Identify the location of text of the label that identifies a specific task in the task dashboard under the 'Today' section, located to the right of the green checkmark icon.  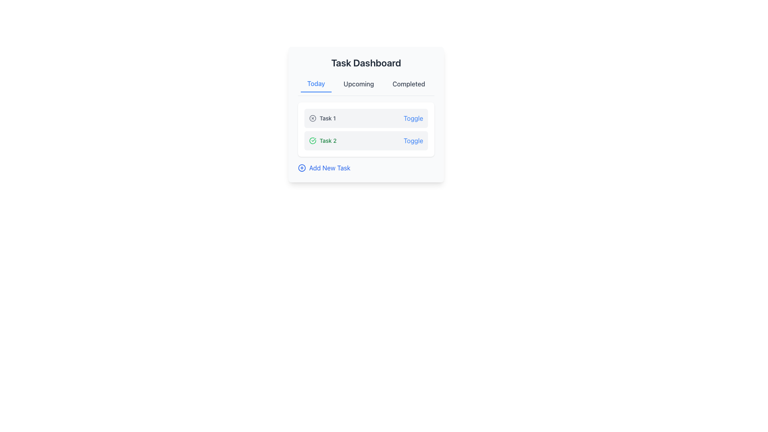
(323, 140).